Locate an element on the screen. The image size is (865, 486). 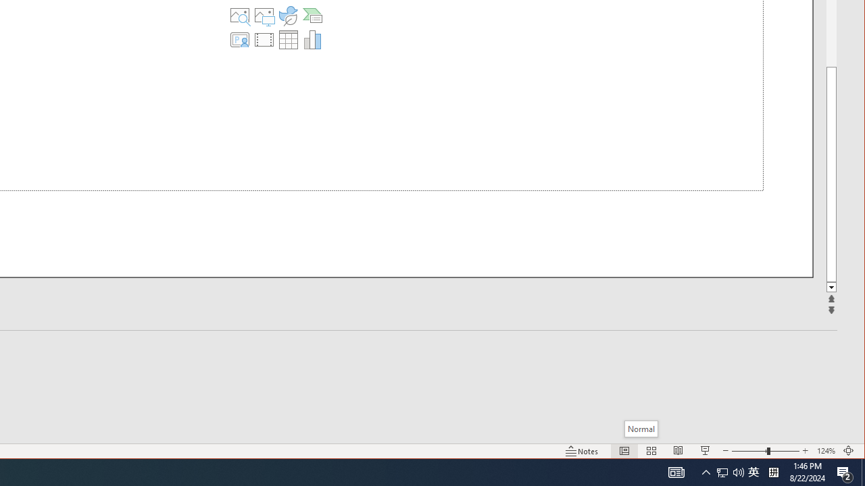
'Insert Video' is located at coordinates (264, 39).